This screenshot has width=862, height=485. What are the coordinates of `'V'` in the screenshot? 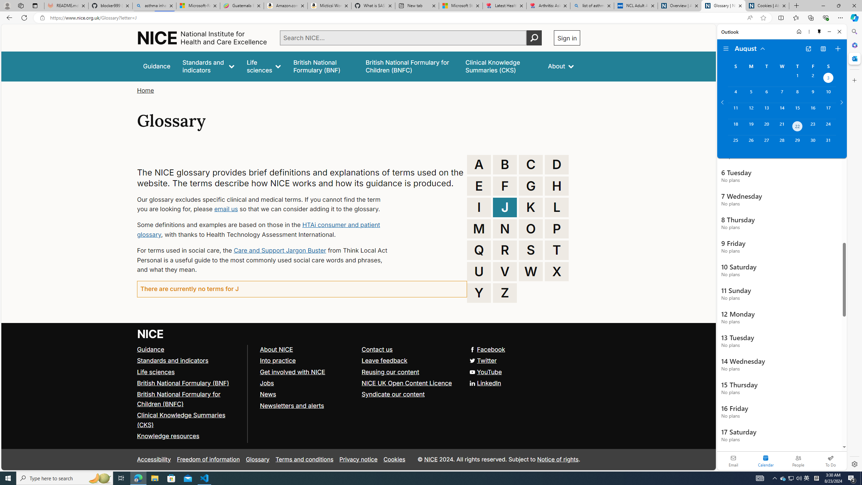 It's located at (505, 272).